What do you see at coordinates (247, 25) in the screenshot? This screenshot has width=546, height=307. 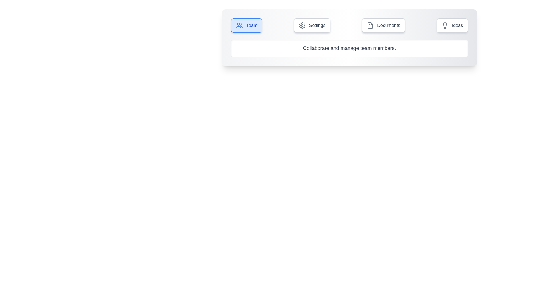 I see `the tab labeled Team to view its content` at bounding box center [247, 25].